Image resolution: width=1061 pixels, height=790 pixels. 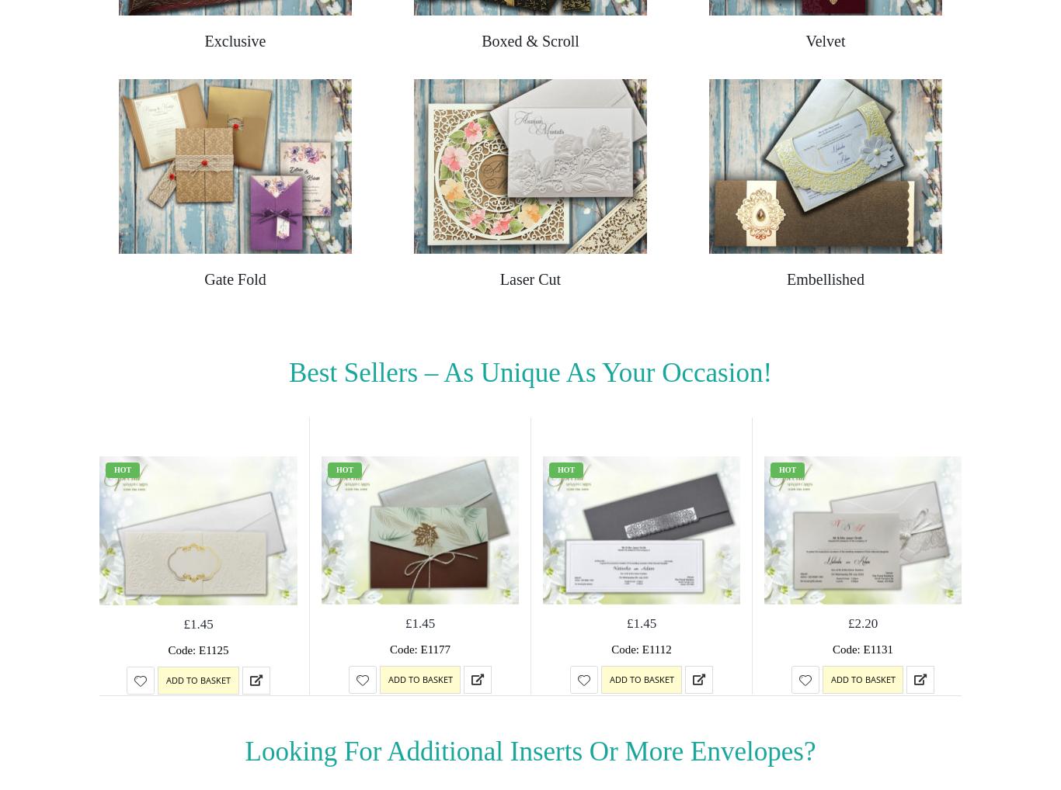 I want to click on 'Code: E1177', so click(x=419, y=647).